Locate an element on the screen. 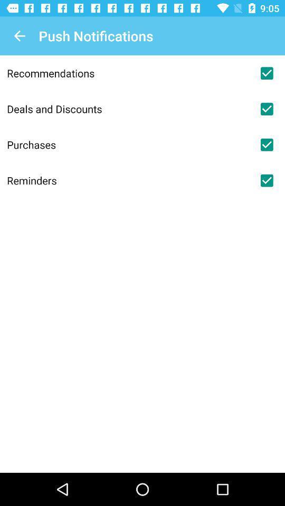 The width and height of the screenshot is (285, 506). the icon below the purchases item is located at coordinates (128, 180).